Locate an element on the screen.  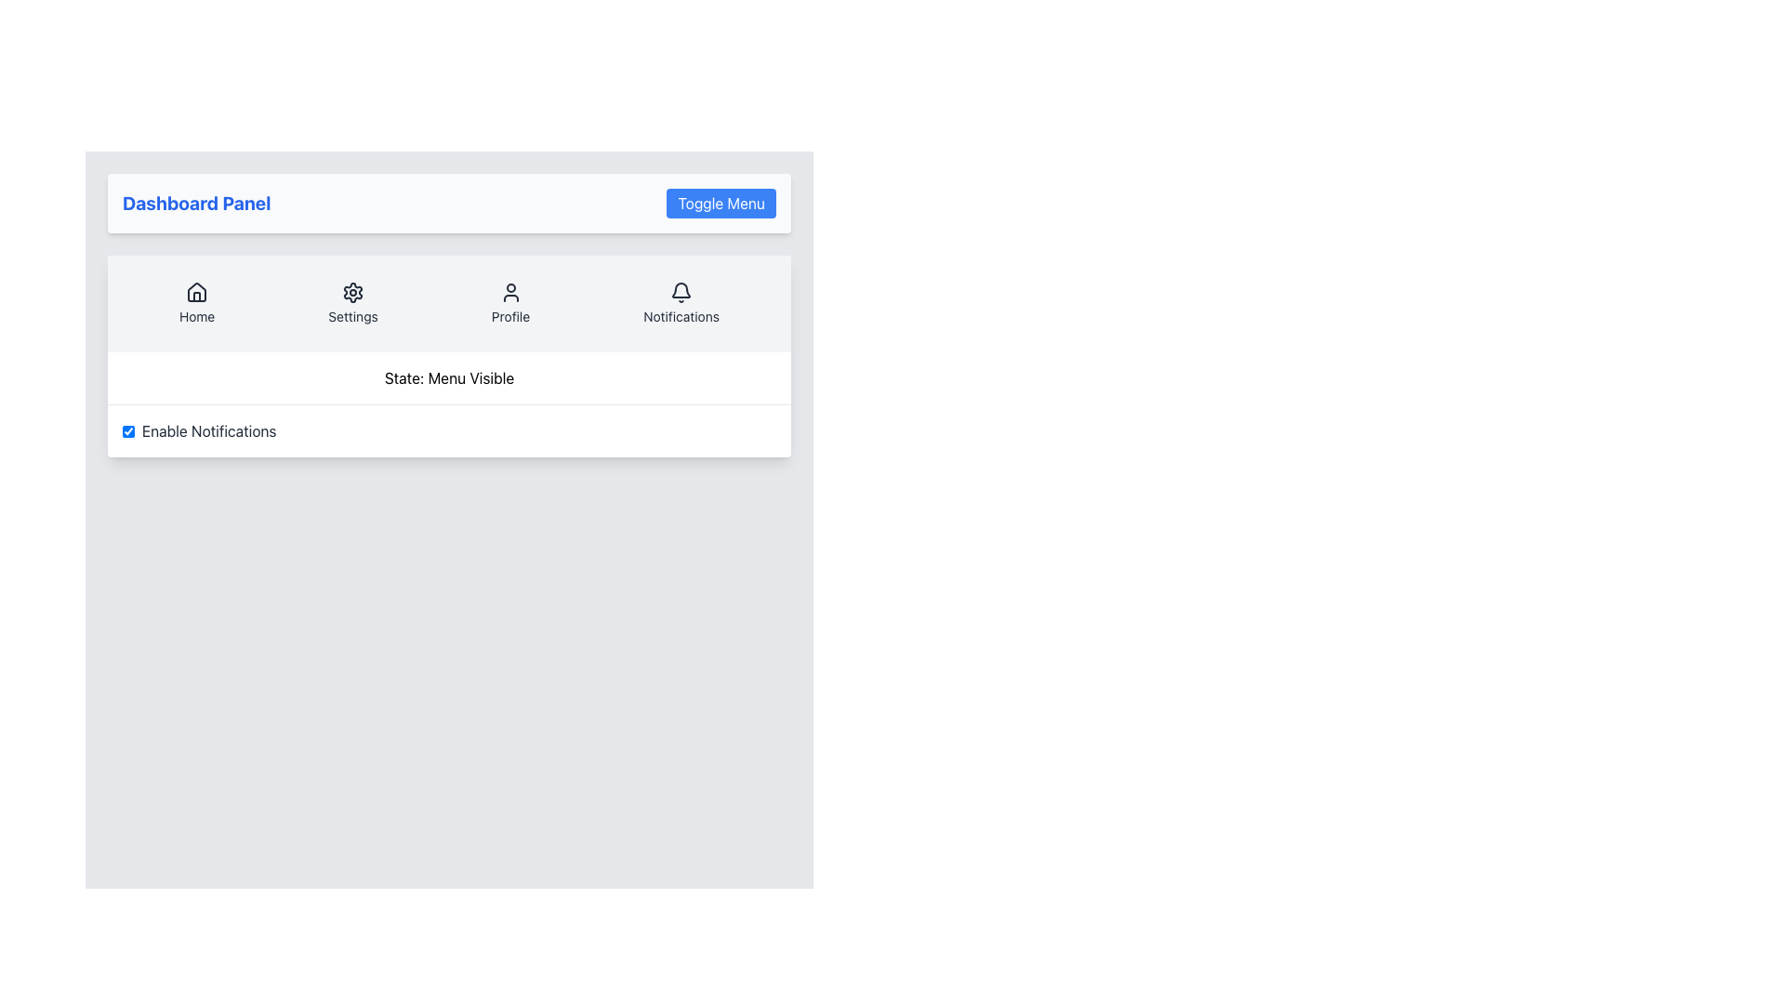
the 'Settings' button, which features a gear icon and is the second item in the navigation bar is located at coordinates (353, 303).